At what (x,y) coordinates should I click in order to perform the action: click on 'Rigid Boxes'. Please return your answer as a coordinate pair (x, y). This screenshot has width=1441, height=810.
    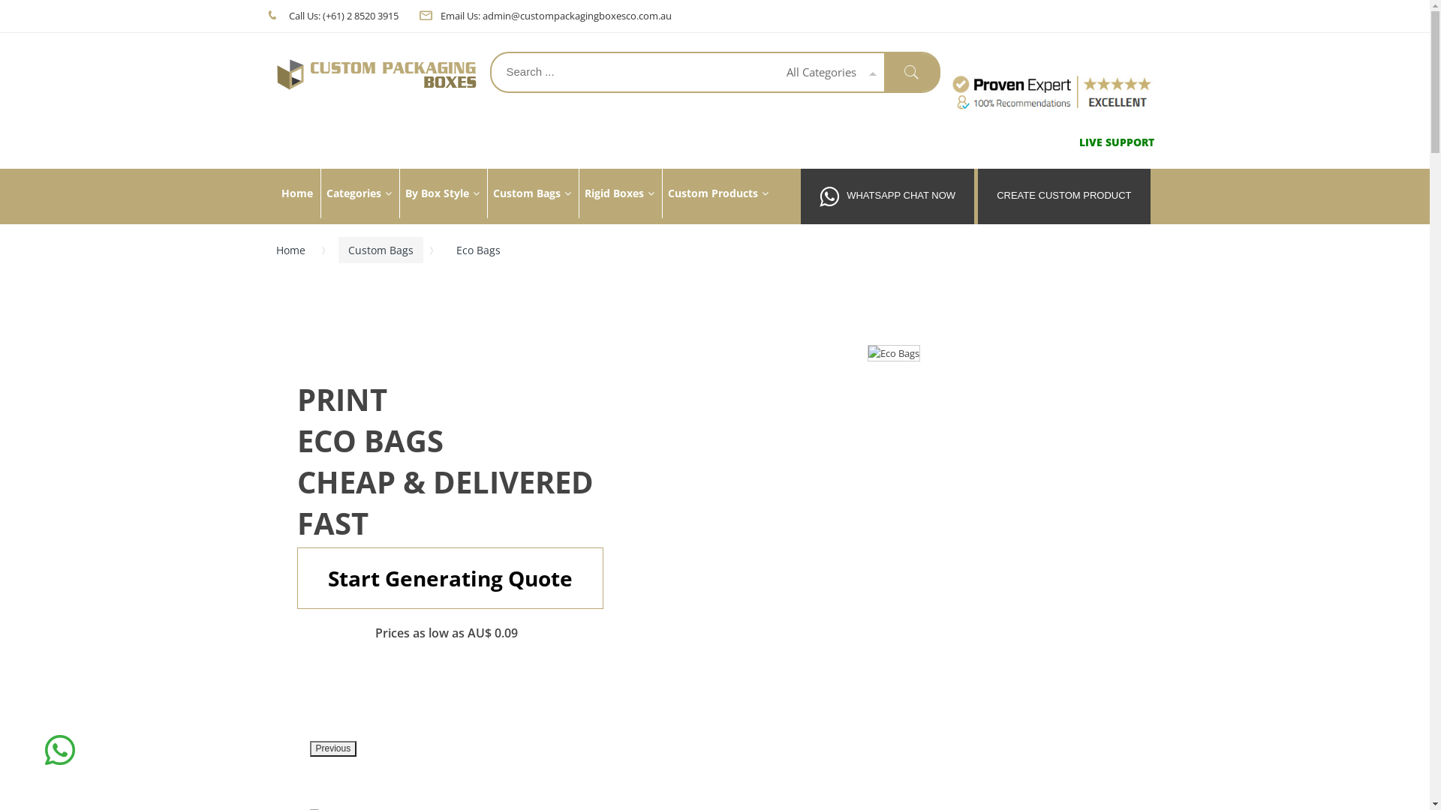
    Looking at the image, I should click on (618, 193).